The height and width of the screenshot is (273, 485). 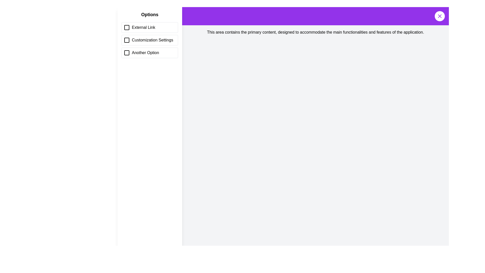 I want to click on the square decorative icon located in the left-side panel under 'Options' next to the text 'External Link', so click(x=127, y=27).